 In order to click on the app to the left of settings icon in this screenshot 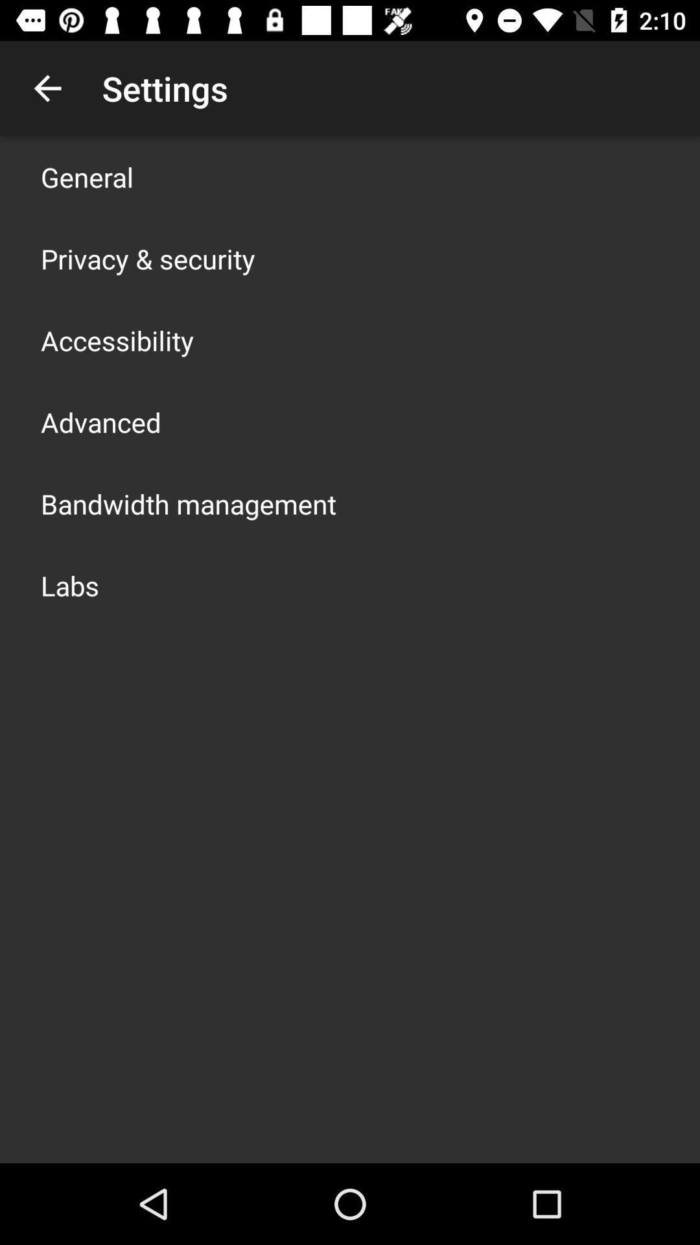, I will do `click(47, 88)`.